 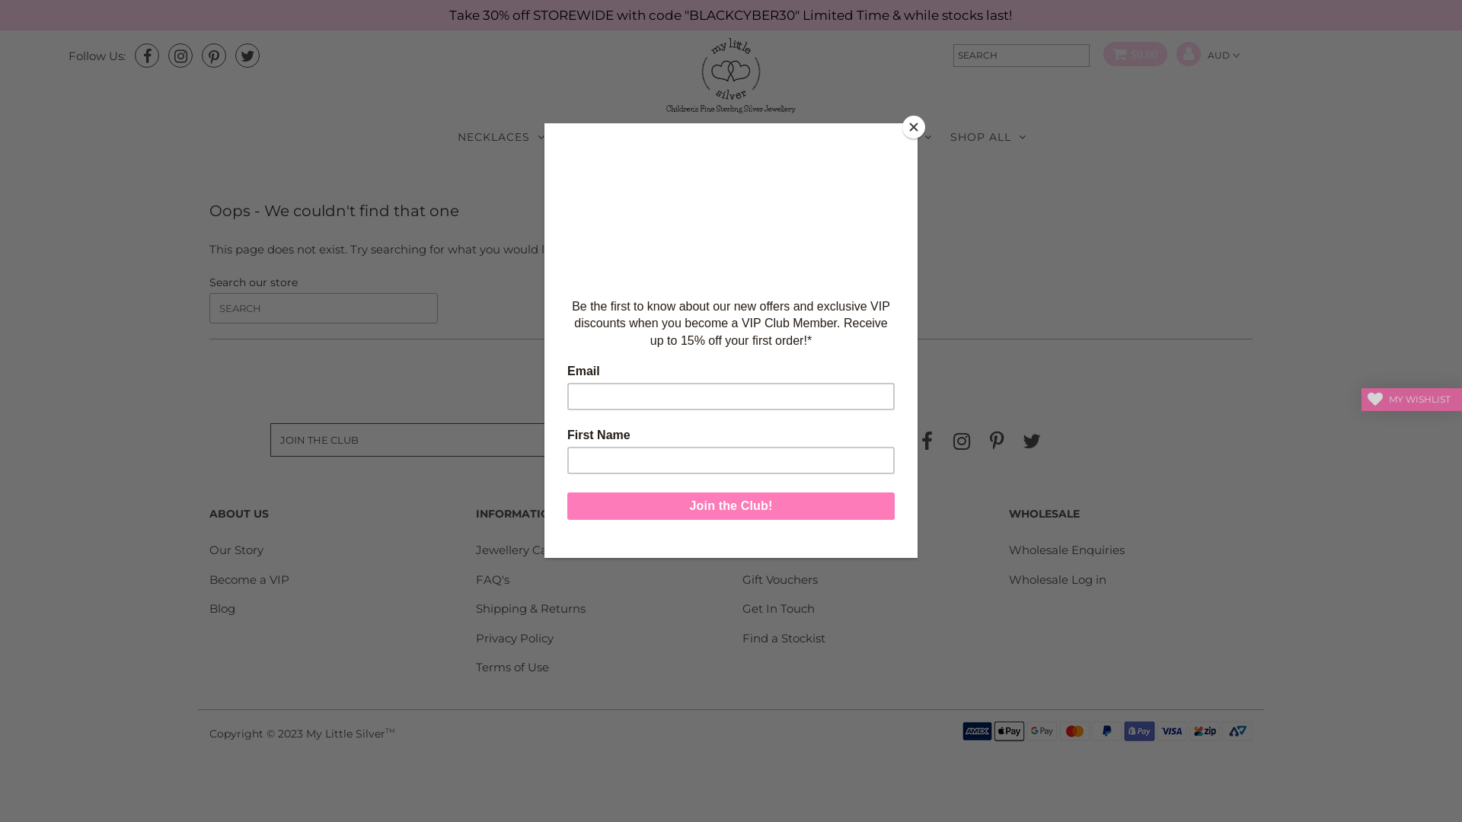 What do you see at coordinates (517, 550) in the screenshot?
I see `'Jewellery Care'` at bounding box center [517, 550].